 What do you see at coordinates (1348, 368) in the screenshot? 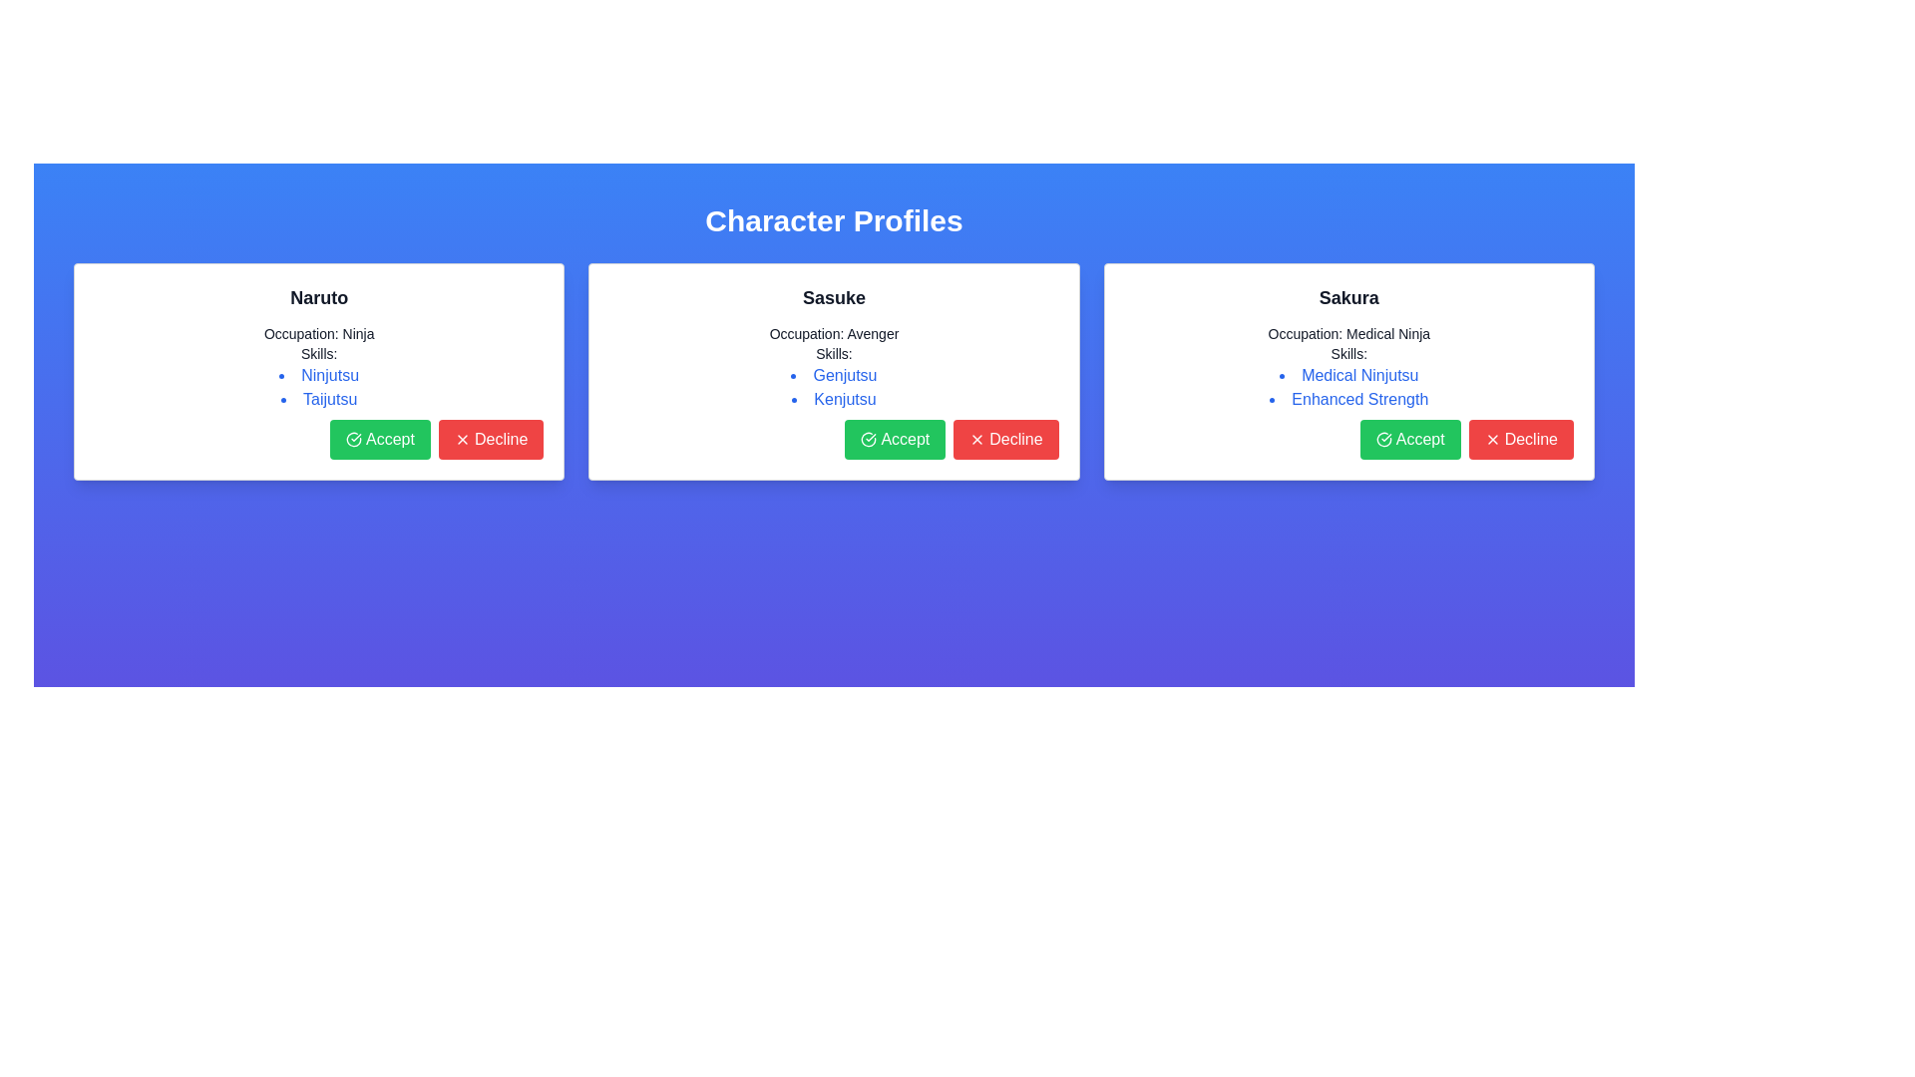
I see `the informational display text block that describes the character's occupation and skills, located in the 'Sakura' character profile card, positioned below the character's name and above the action buttons` at bounding box center [1348, 368].